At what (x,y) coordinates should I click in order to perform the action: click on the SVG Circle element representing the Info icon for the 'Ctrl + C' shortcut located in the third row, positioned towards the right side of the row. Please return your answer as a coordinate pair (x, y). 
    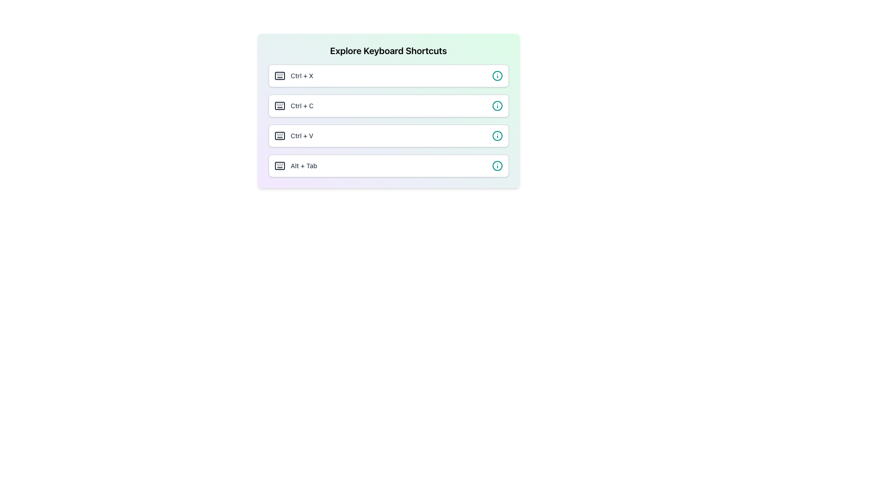
    Looking at the image, I should click on (497, 105).